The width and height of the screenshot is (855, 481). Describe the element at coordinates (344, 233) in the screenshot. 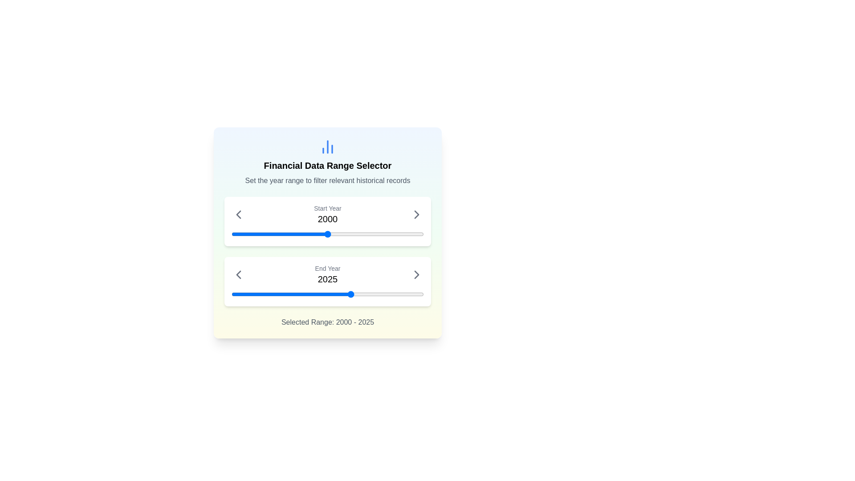

I see `the start year` at that location.